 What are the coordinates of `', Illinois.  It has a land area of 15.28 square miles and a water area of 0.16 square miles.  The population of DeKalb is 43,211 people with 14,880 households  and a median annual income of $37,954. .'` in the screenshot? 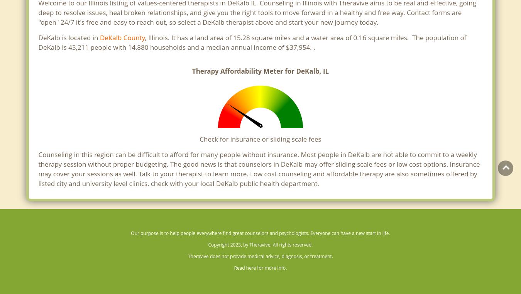 It's located at (252, 42).